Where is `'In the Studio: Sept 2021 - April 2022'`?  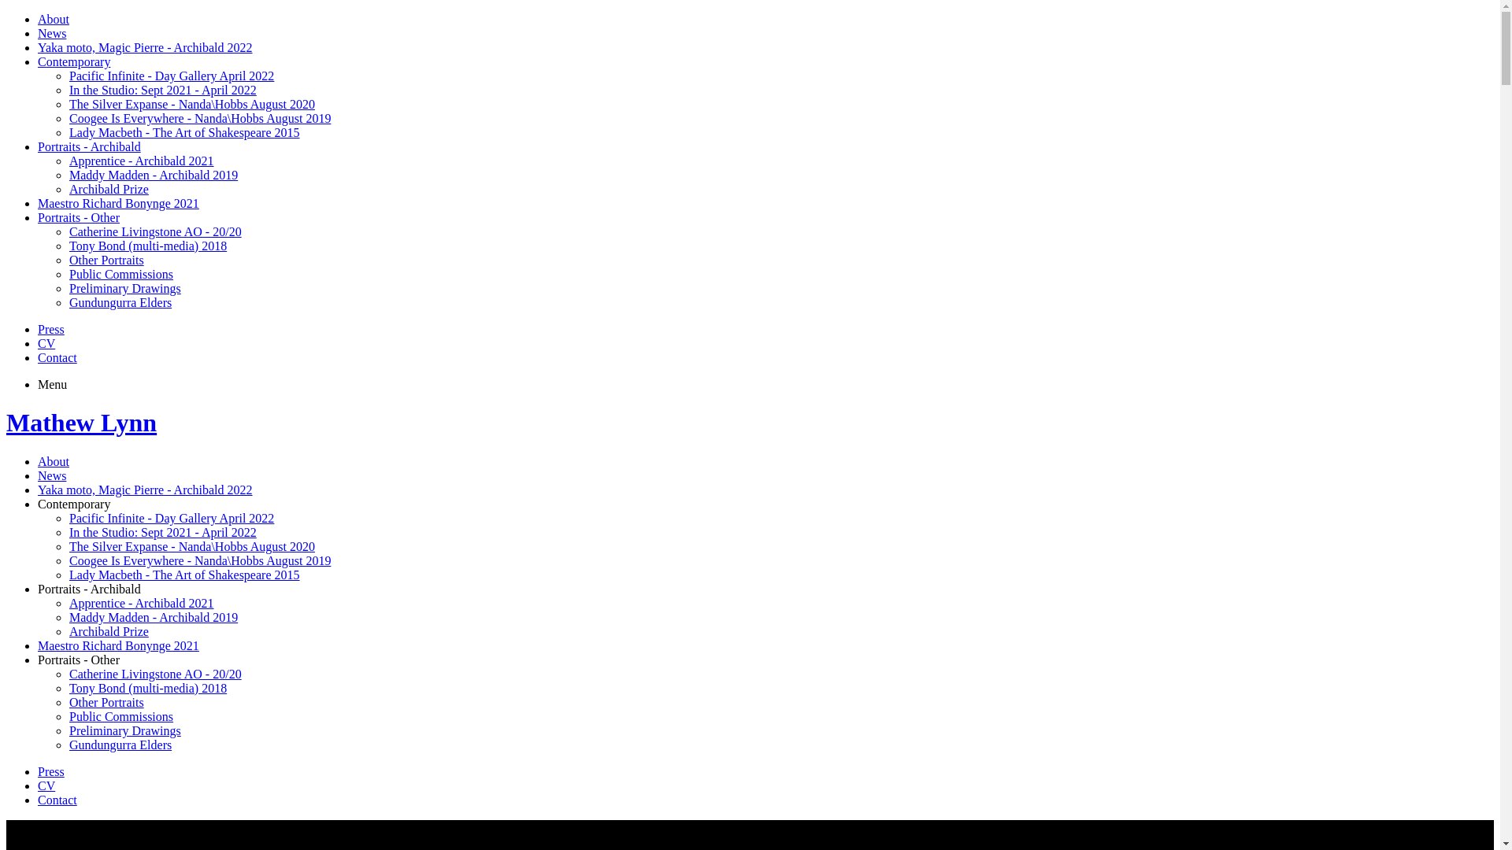 'In the Studio: Sept 2021 - April 2022' is located at coordinates (162, 531).